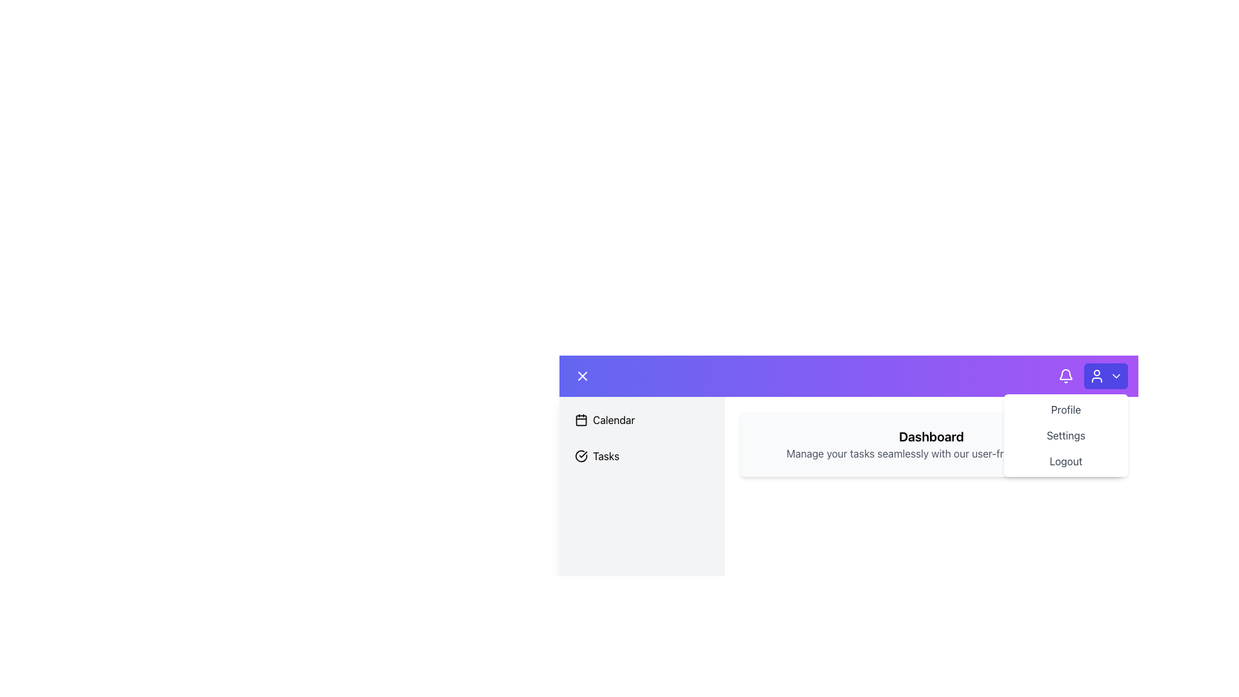  Describe the element at coordinates (641, 455) in the screenshot. I see `the 'Tasks' button located below the 'Calendar' item` at that location.